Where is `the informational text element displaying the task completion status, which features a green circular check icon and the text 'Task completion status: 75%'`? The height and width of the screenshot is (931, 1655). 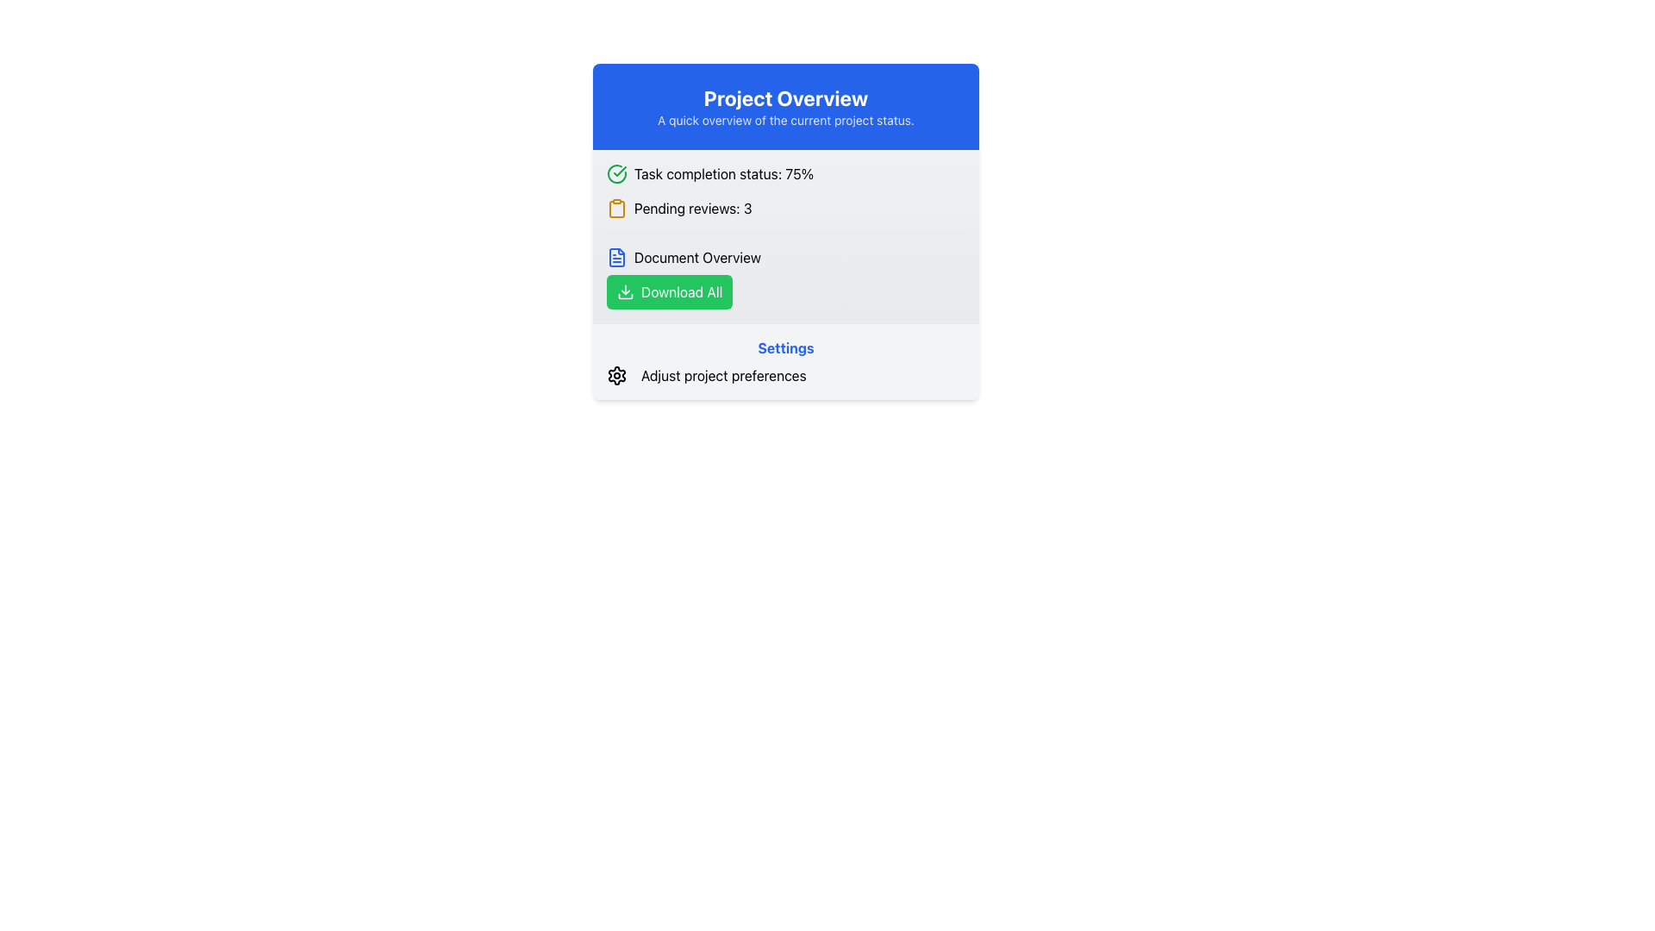 the informational text element displaying the task completion status, which features a green circular check icon and the text 'Task completion status: 75%' is located at coordinates (785, 173).